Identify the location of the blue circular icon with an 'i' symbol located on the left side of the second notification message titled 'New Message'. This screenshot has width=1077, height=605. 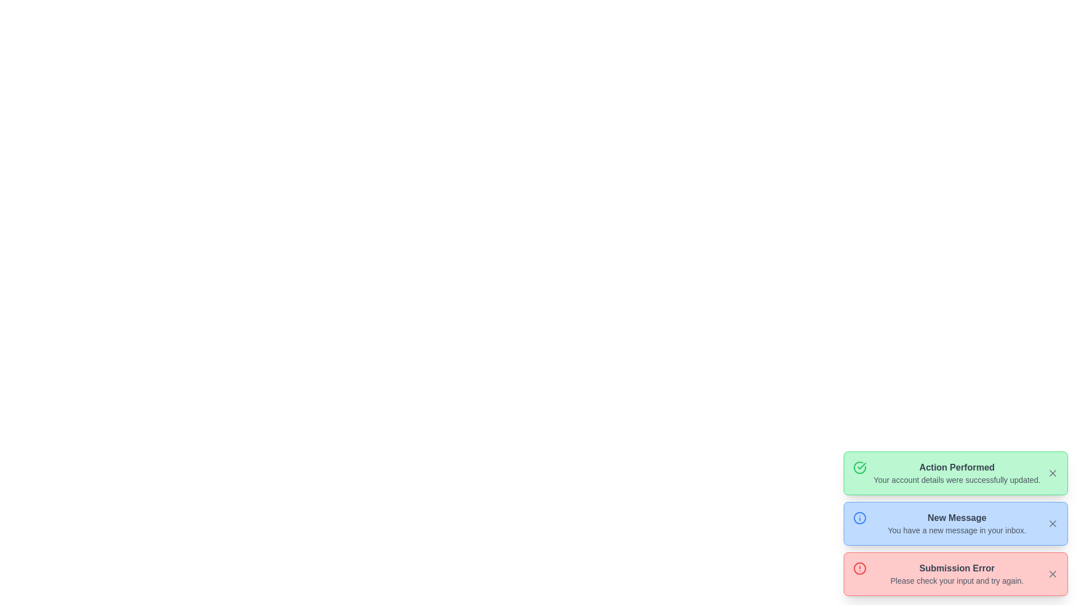
(859, 518).